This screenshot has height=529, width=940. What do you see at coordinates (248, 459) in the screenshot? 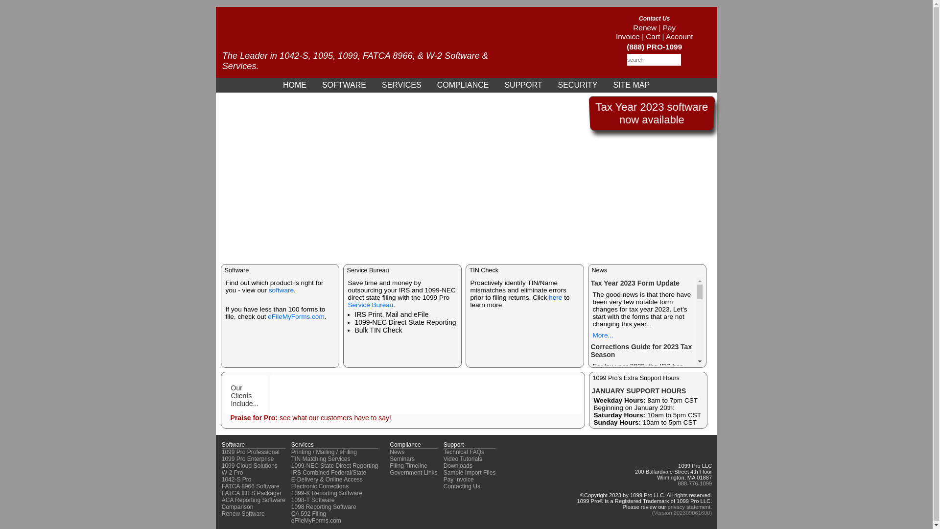
I see `'1099 Pro Enterprise'` at bounding box center [248, 459].